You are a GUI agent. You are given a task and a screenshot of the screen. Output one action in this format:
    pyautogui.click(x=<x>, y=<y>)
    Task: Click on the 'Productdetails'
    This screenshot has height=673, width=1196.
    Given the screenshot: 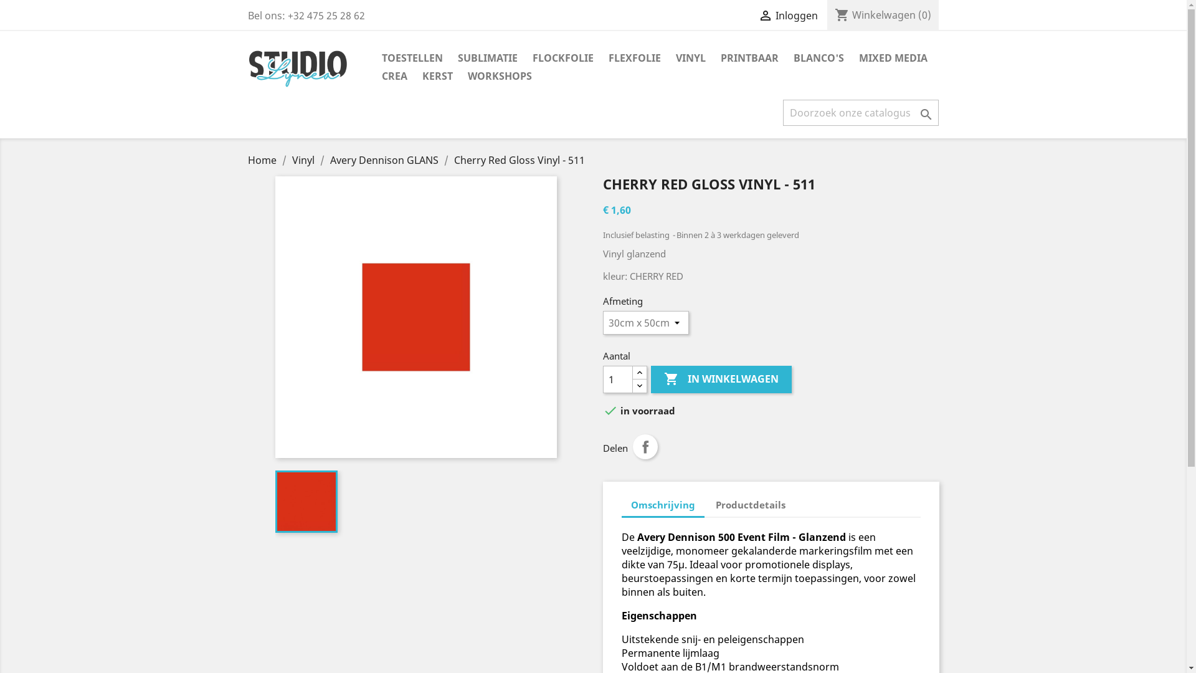 What is the action you would take?
    pyautogui.click(x=749, y=505)
    